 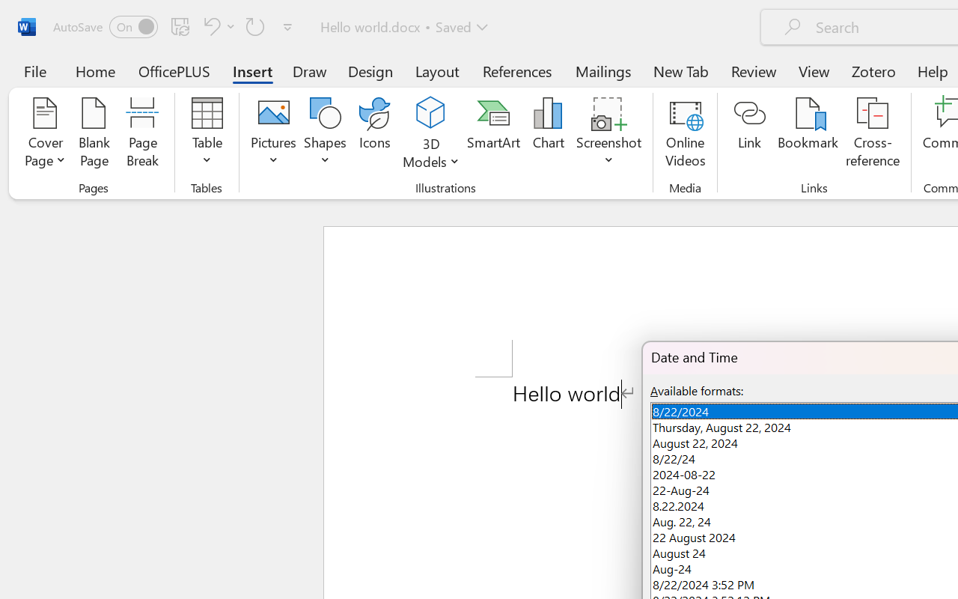 I want to click on 'AutoSave', so click(x=104, y=26).